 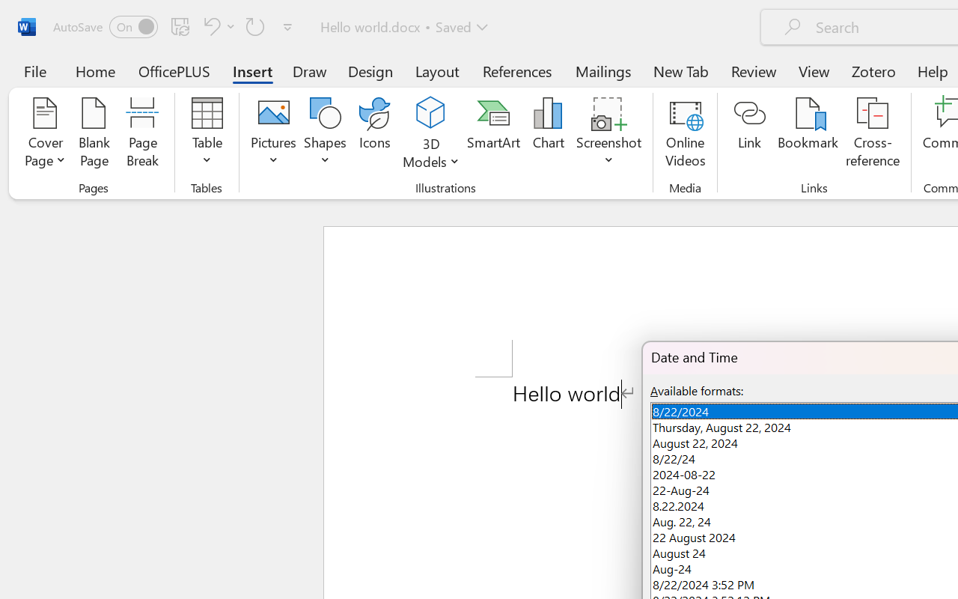 I want to click on 'AutoSave', so click(x=104, y=26).